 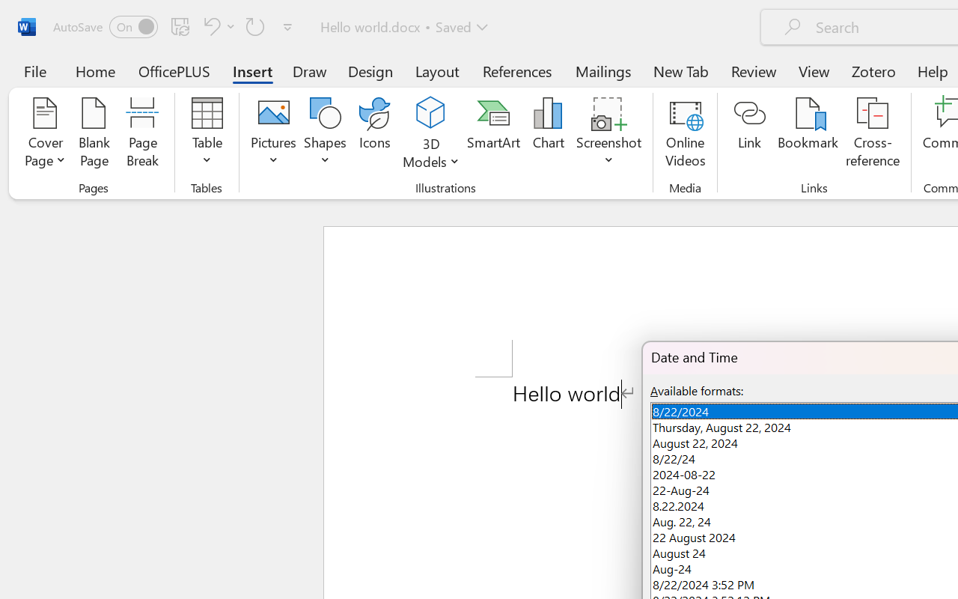 I want to click on 'AutoSave', so click(x=104, y=26).